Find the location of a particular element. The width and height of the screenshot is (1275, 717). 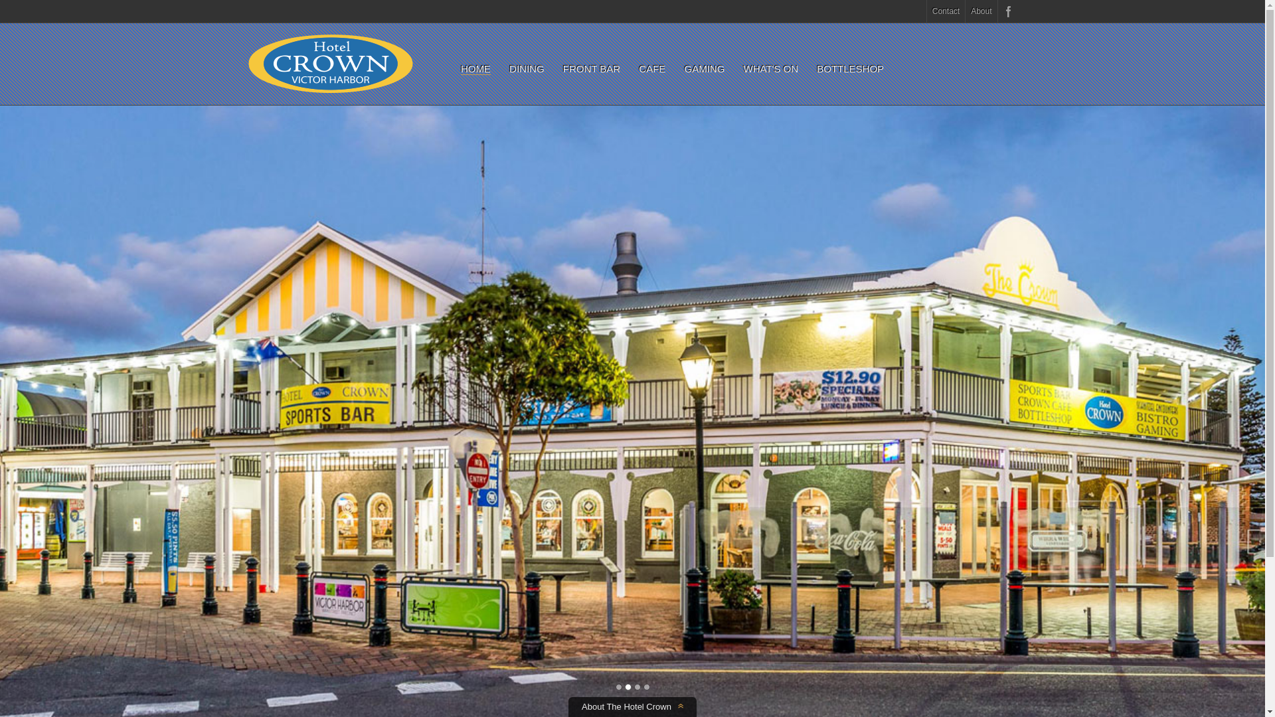

'WHAT'S ON' is located at coordinates (771, 68).